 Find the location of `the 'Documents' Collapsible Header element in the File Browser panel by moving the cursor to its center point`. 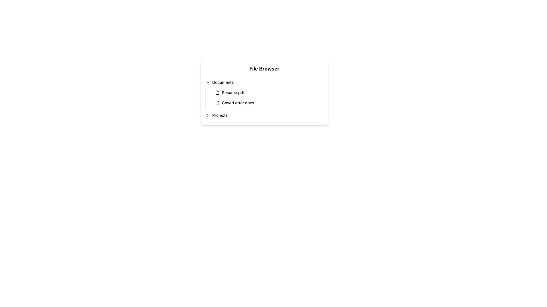

the 'Documents' Collapsible Header element in the File Browser panel by moving the cursor to its center point is located at coordinates (264, 82).